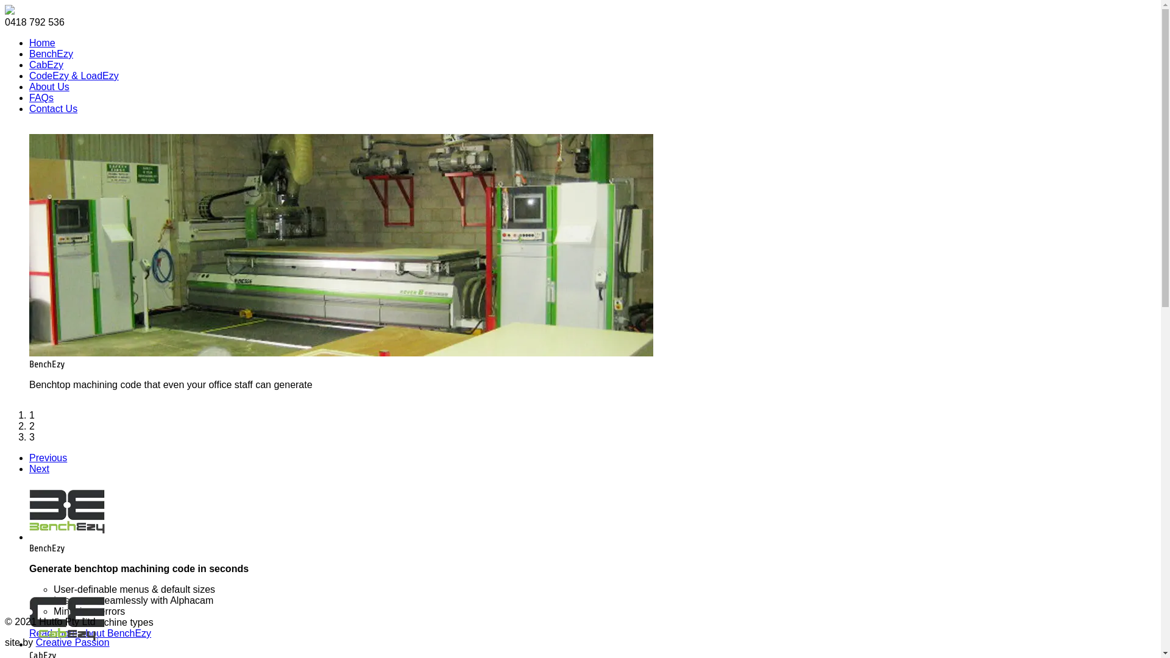 The height and width of the screenshot is (658, 1170). What do you see at coordinates (48, 458) in the screenshot?
I see `'Previous'` at bounding box center [48, 458].